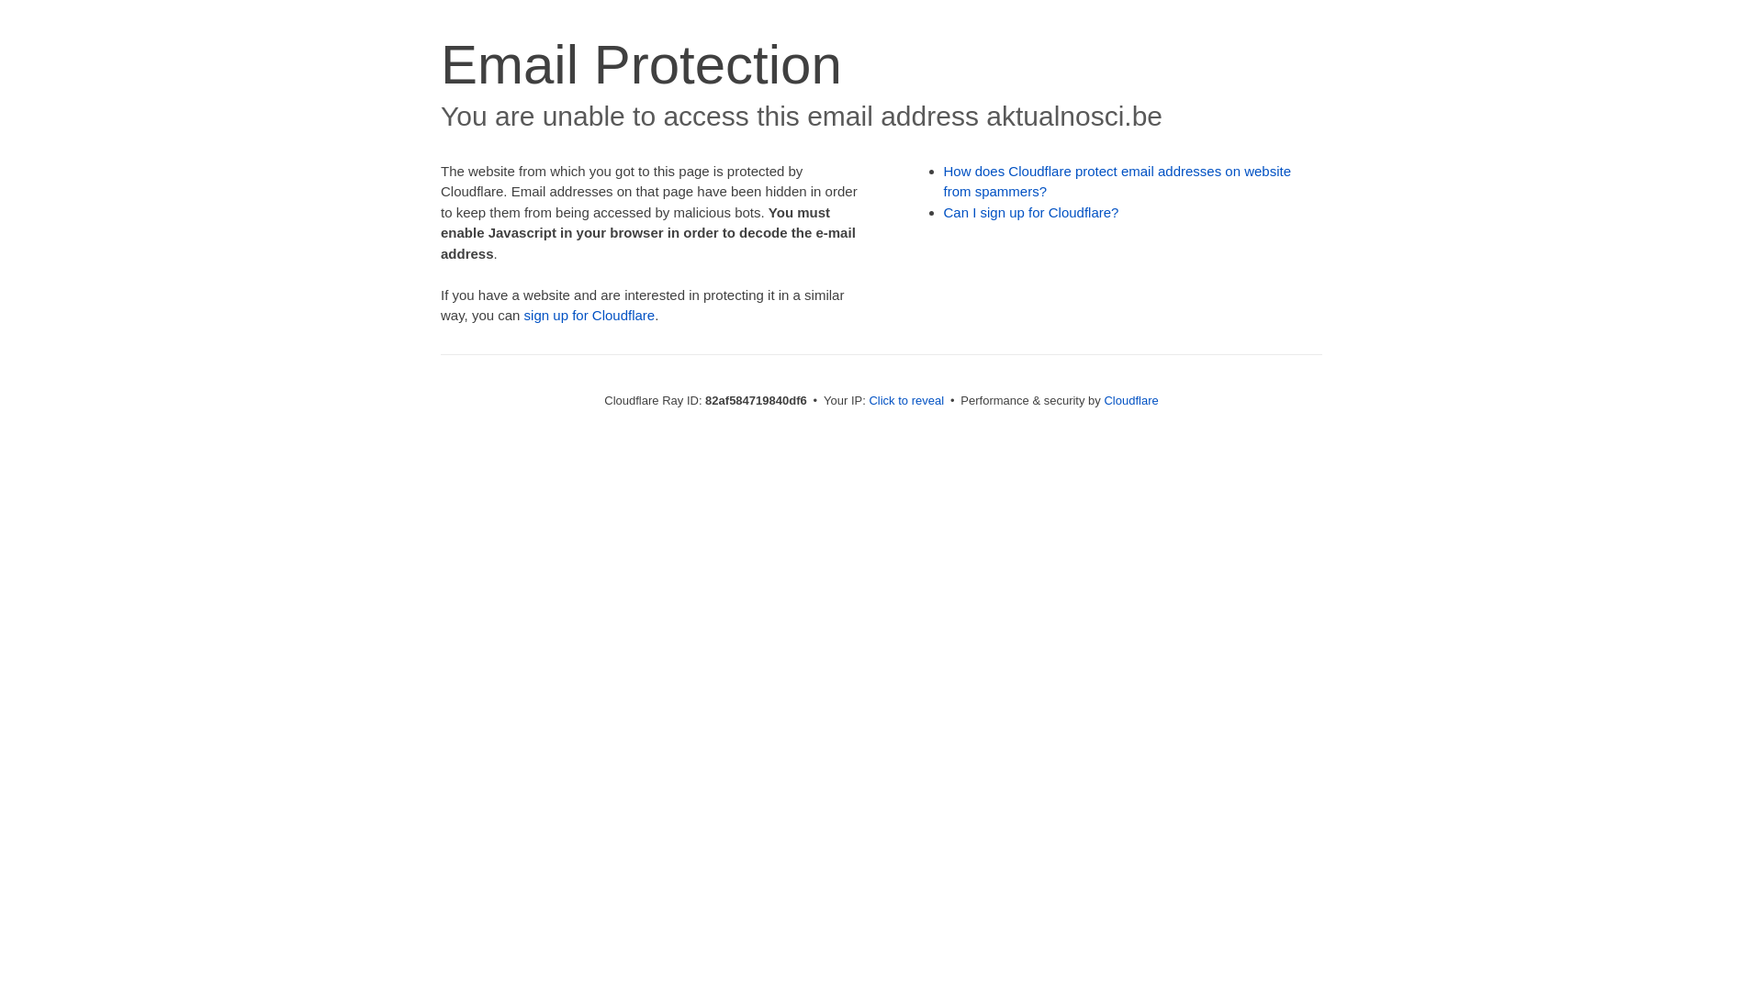 The width and height of the screenshot is (1763, 991). Describe the element at coordinates (1031, 211) in the screenshot. I see `'Can I sign up for Cloudflare?'` at that location.